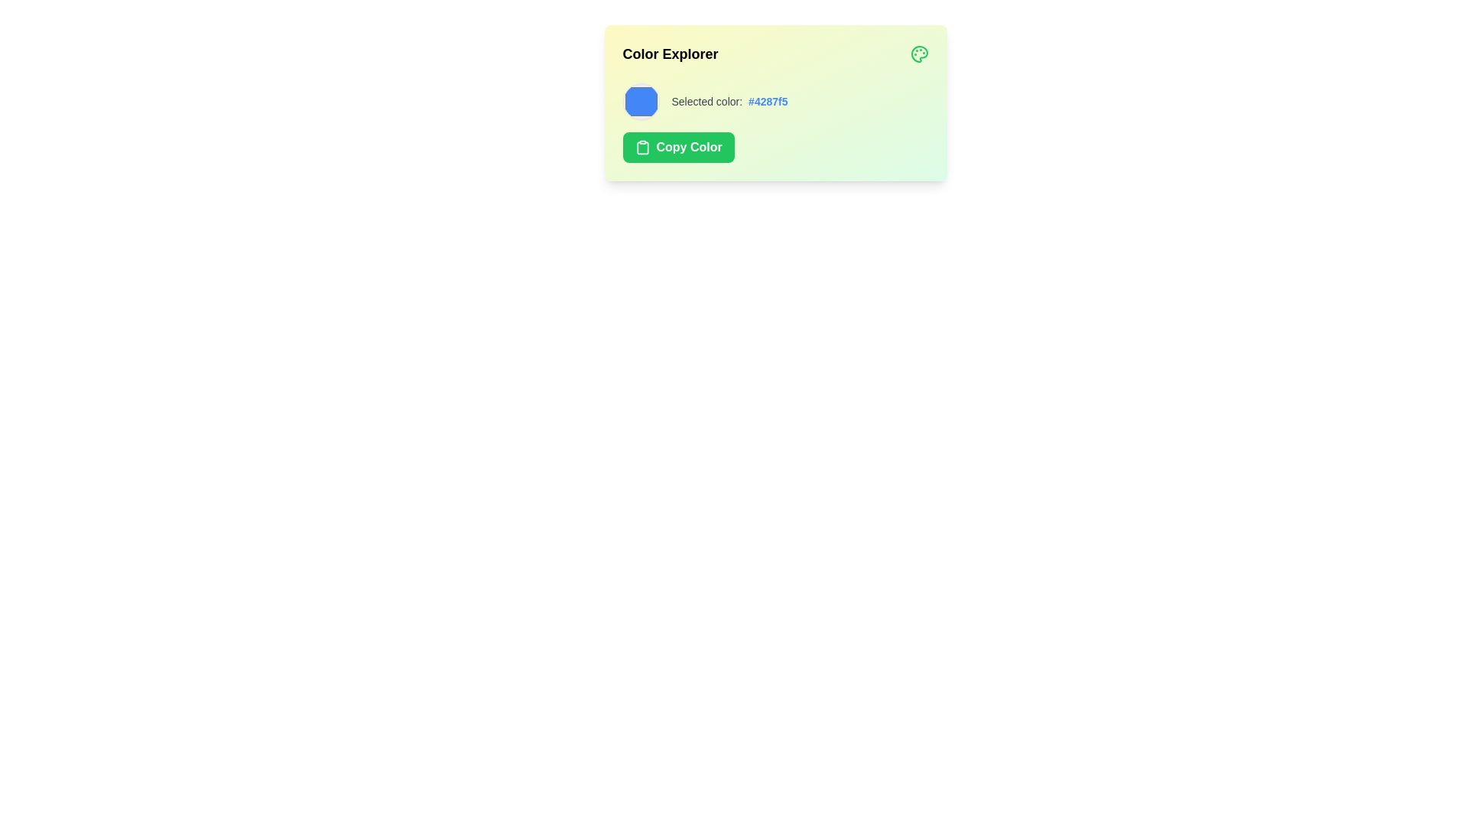 This screenshot has height=826, width=1468. Describe the element at coordinates (918, 53) in the screenshot. I see `the color-related tool icon located at the far-right within the header section titled 'Color Explorer'` at that location.